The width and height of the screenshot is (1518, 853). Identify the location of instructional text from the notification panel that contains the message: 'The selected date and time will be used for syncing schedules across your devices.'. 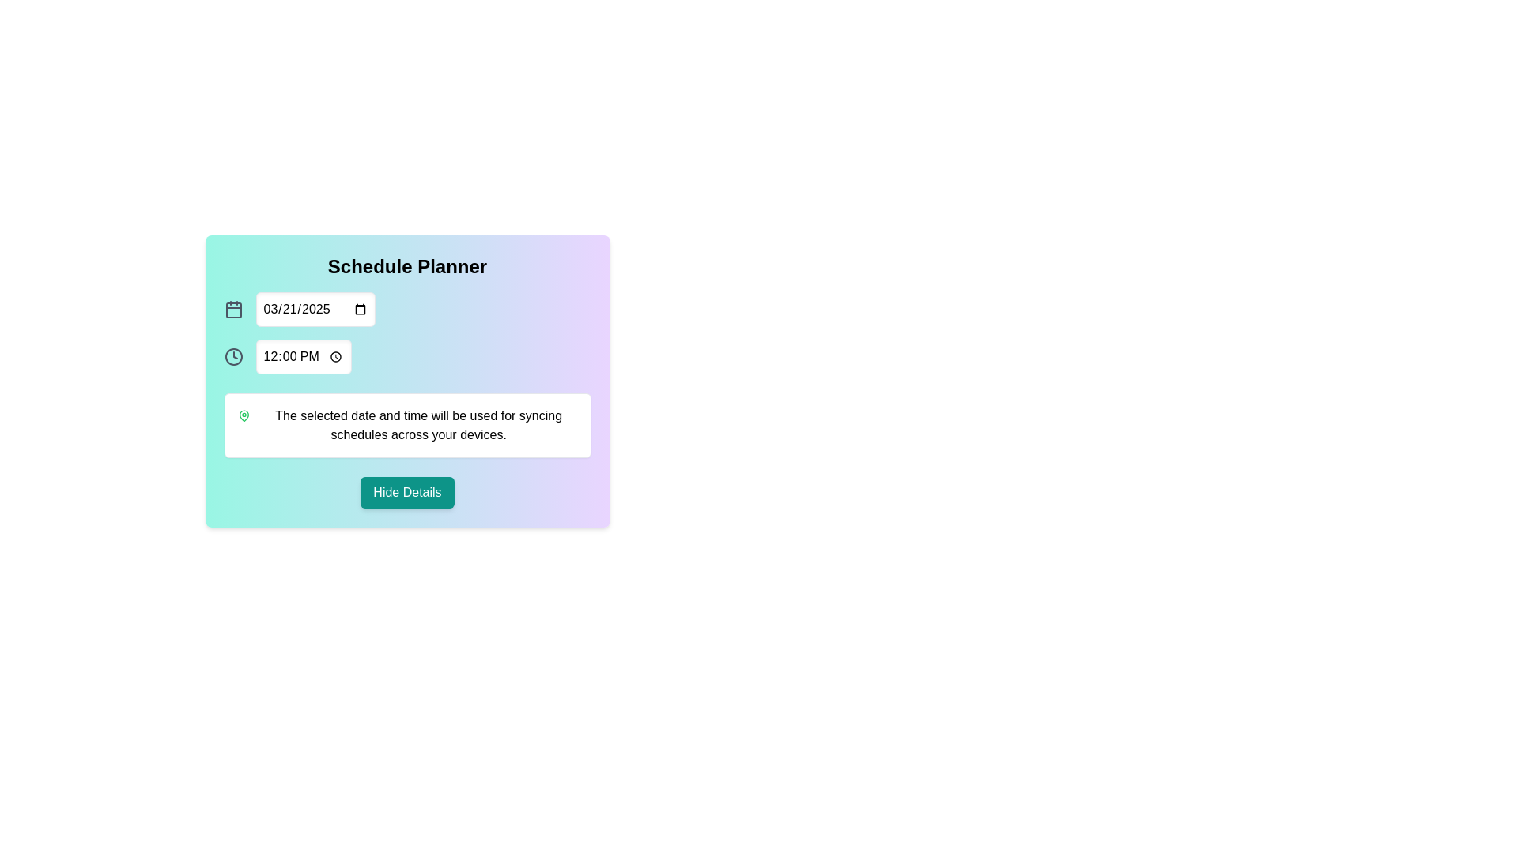
(407, 425).